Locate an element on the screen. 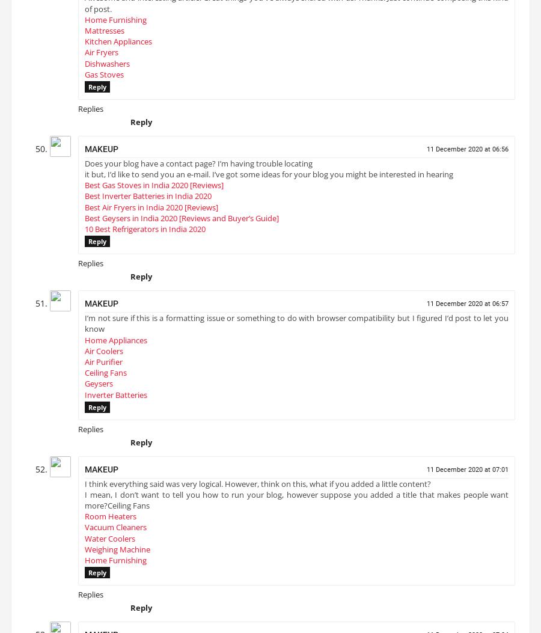 Image resolution: width=541 pixels, height=633 pixels. 'Weighing Machine' is located at coordinates (85, 552).